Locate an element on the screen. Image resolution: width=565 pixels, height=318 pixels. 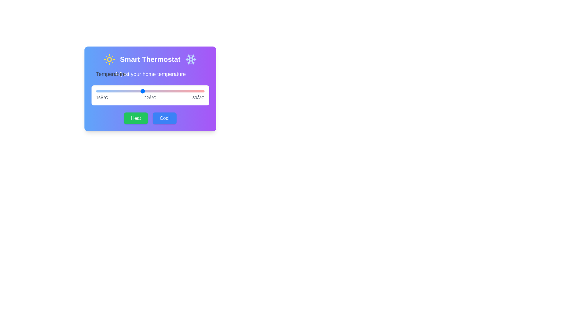
the temperature slider to 18 degrees Celsius is located at coordinates (112, 91).